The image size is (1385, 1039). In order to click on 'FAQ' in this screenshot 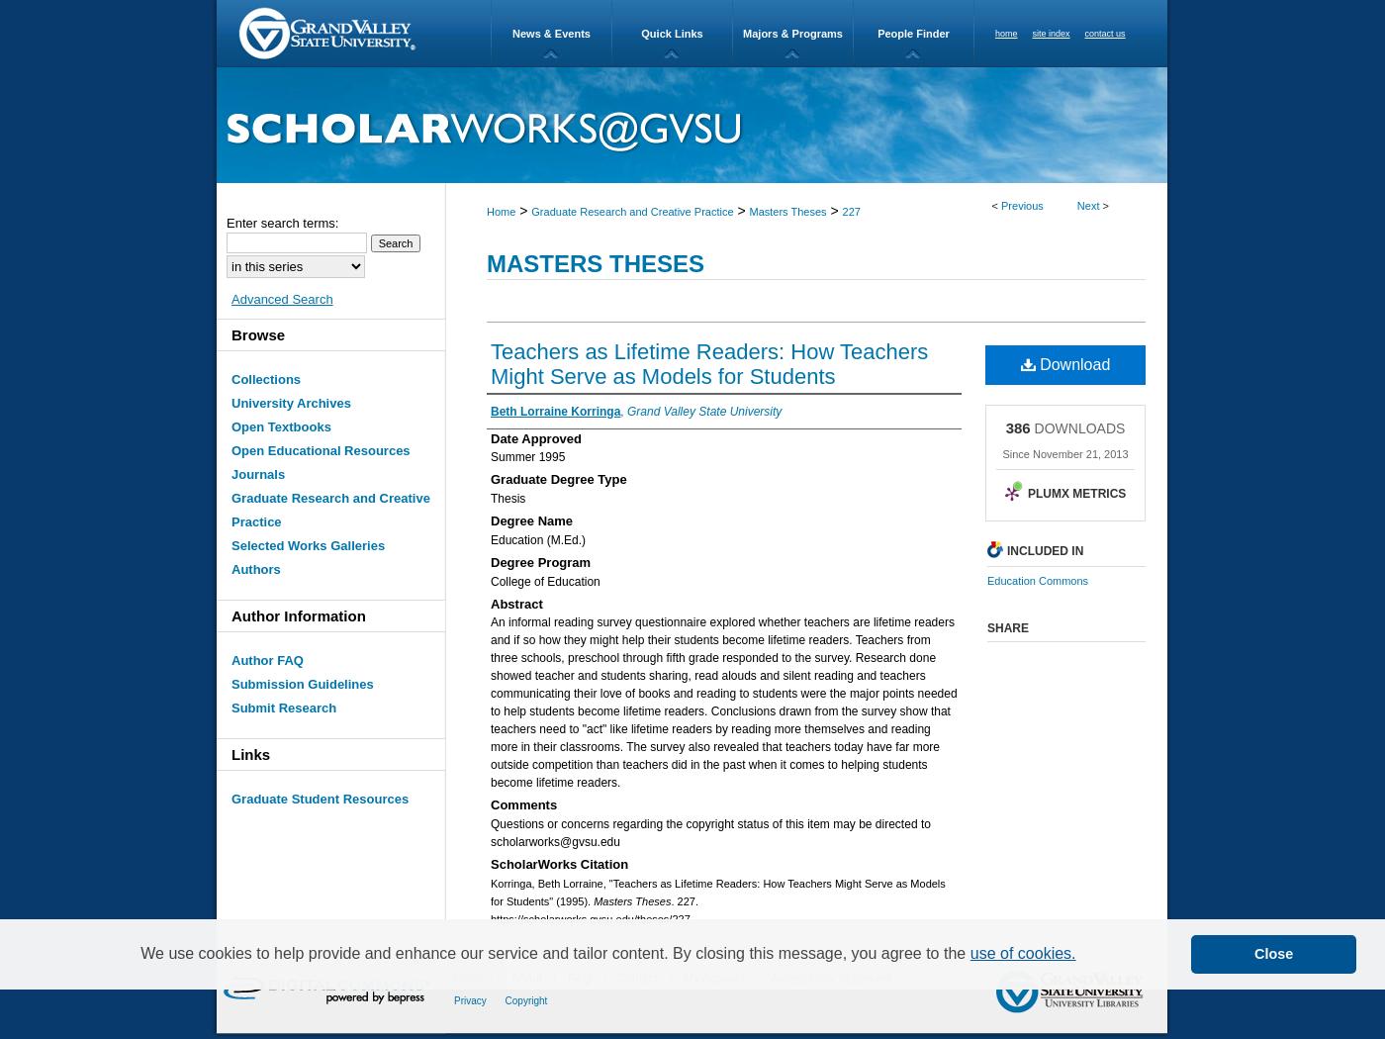, I will do `click(581, 978)`.